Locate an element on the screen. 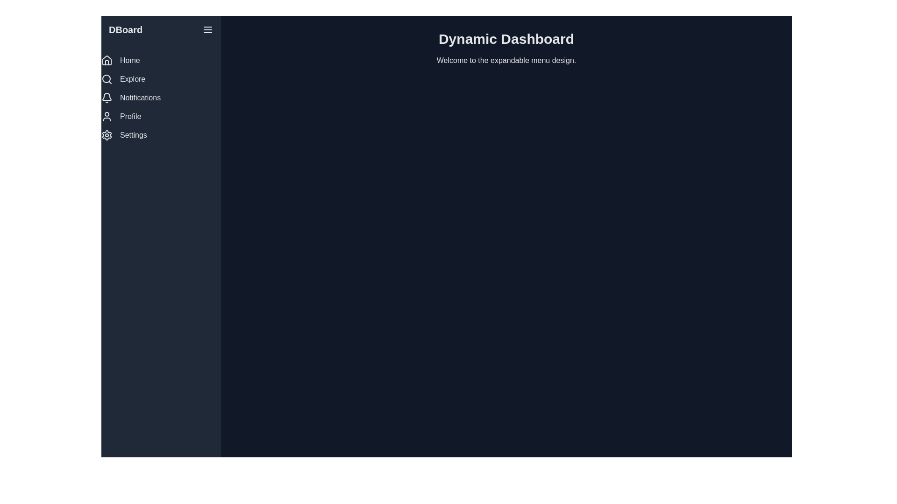 The width and height of the screenshot is (897, 504). the text label that says 'Welcome to the expandable menu design.' which is positioned just beneath the header 'Dynamic Dashboard.' is located at coordinates (506, 61).